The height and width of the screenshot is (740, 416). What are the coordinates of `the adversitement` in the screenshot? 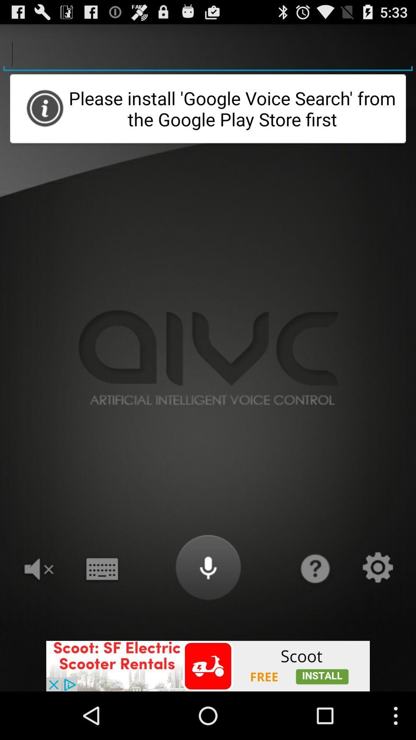 It's located at (208, 666).